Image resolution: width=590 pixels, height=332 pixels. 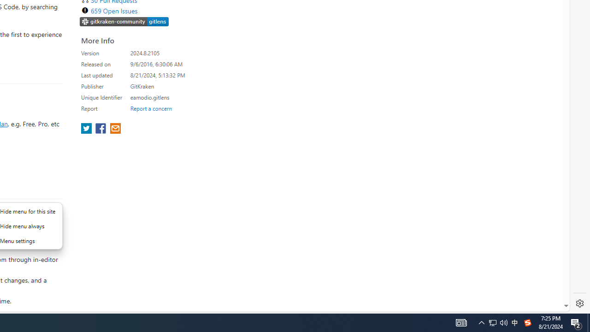 What do you see at coordinates (101, 129) in the screenshot?
I see `'share extension on facebook'` at bounding box center [101, 129].